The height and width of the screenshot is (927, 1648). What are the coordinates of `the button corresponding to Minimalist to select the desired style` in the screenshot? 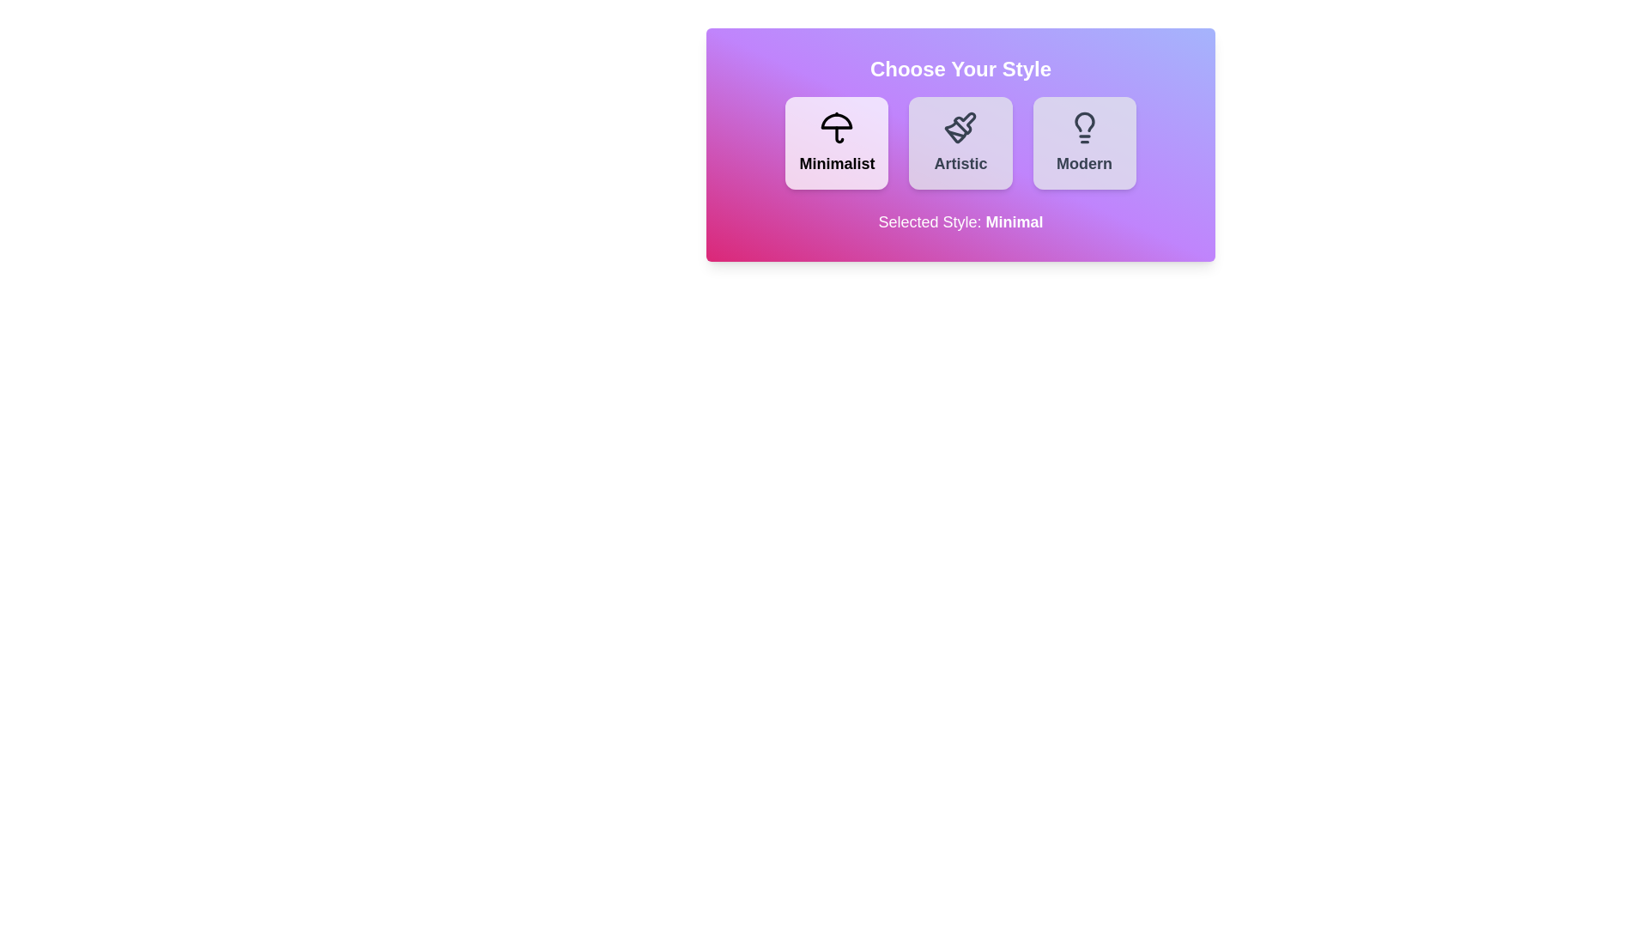 It's located at (837, 142).